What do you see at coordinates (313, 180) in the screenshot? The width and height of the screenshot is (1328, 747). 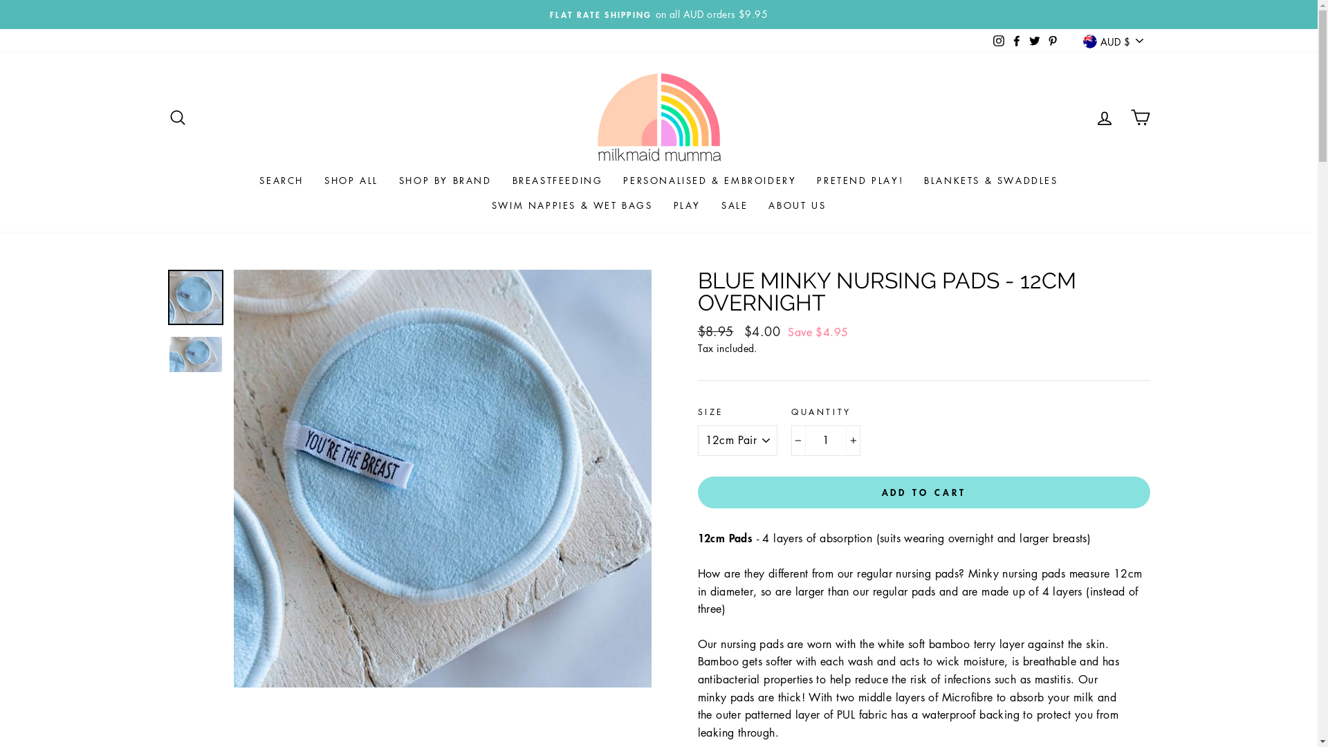 I see `'SHOP ALL'` at bounding box center [313, 180].